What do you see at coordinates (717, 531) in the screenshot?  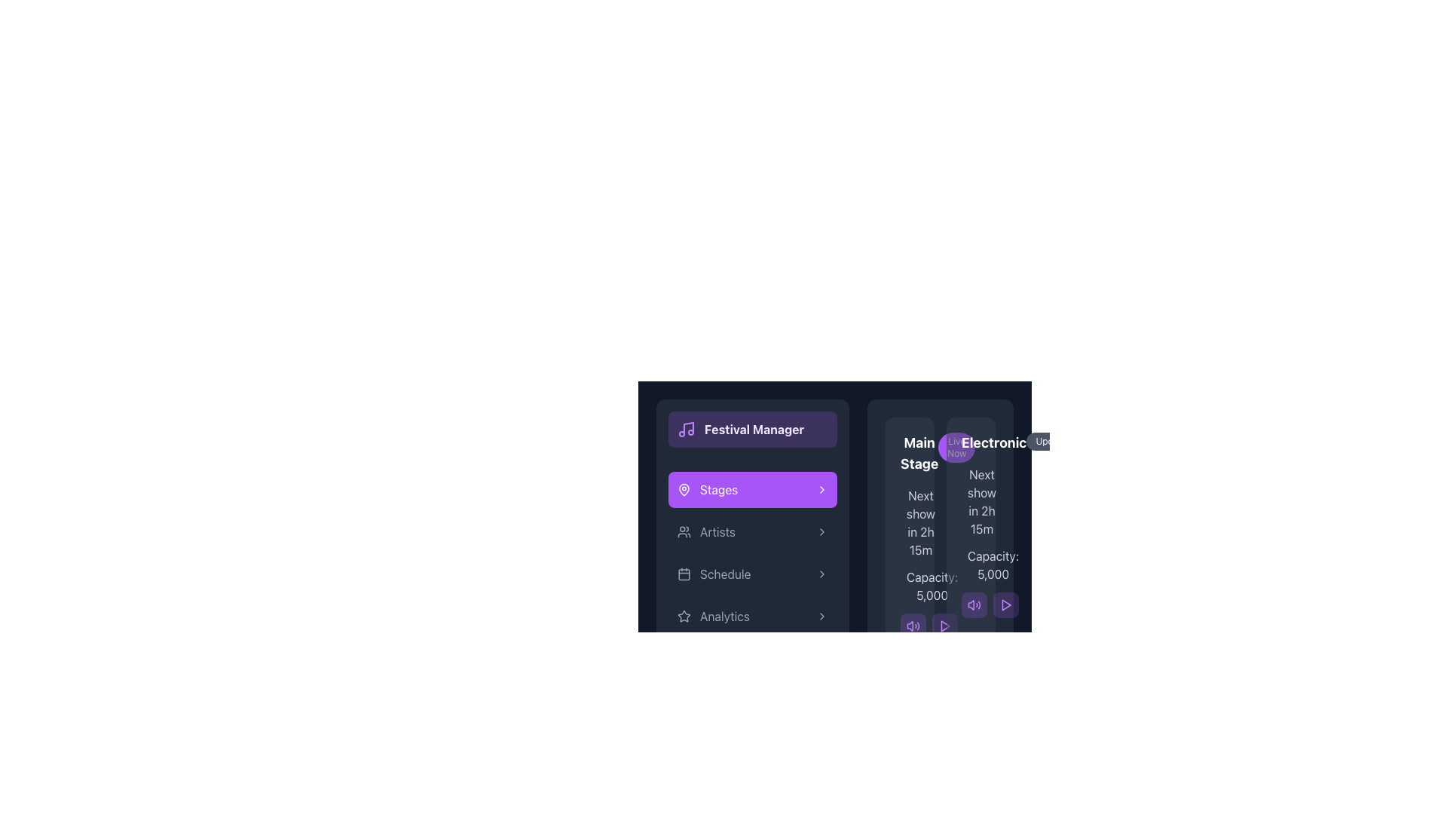 I see `the 'Artists' text label, which is the second item in the vertical list under the purple-highlighted 'Stages' button in the left sidebar` at bounding box center [717, 531].